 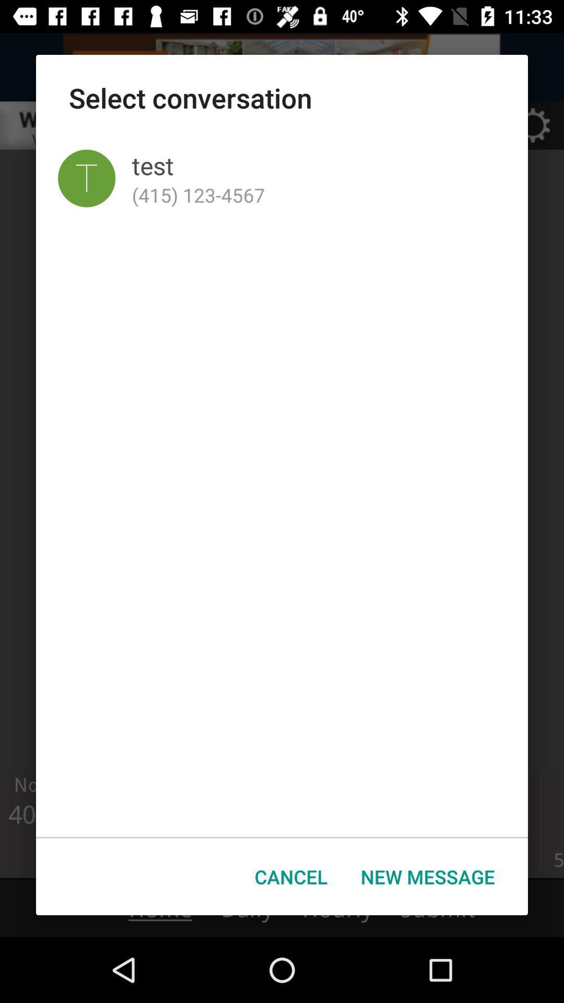 I want to click on the button to the right of the cancel item, so click(x=428, y=877).